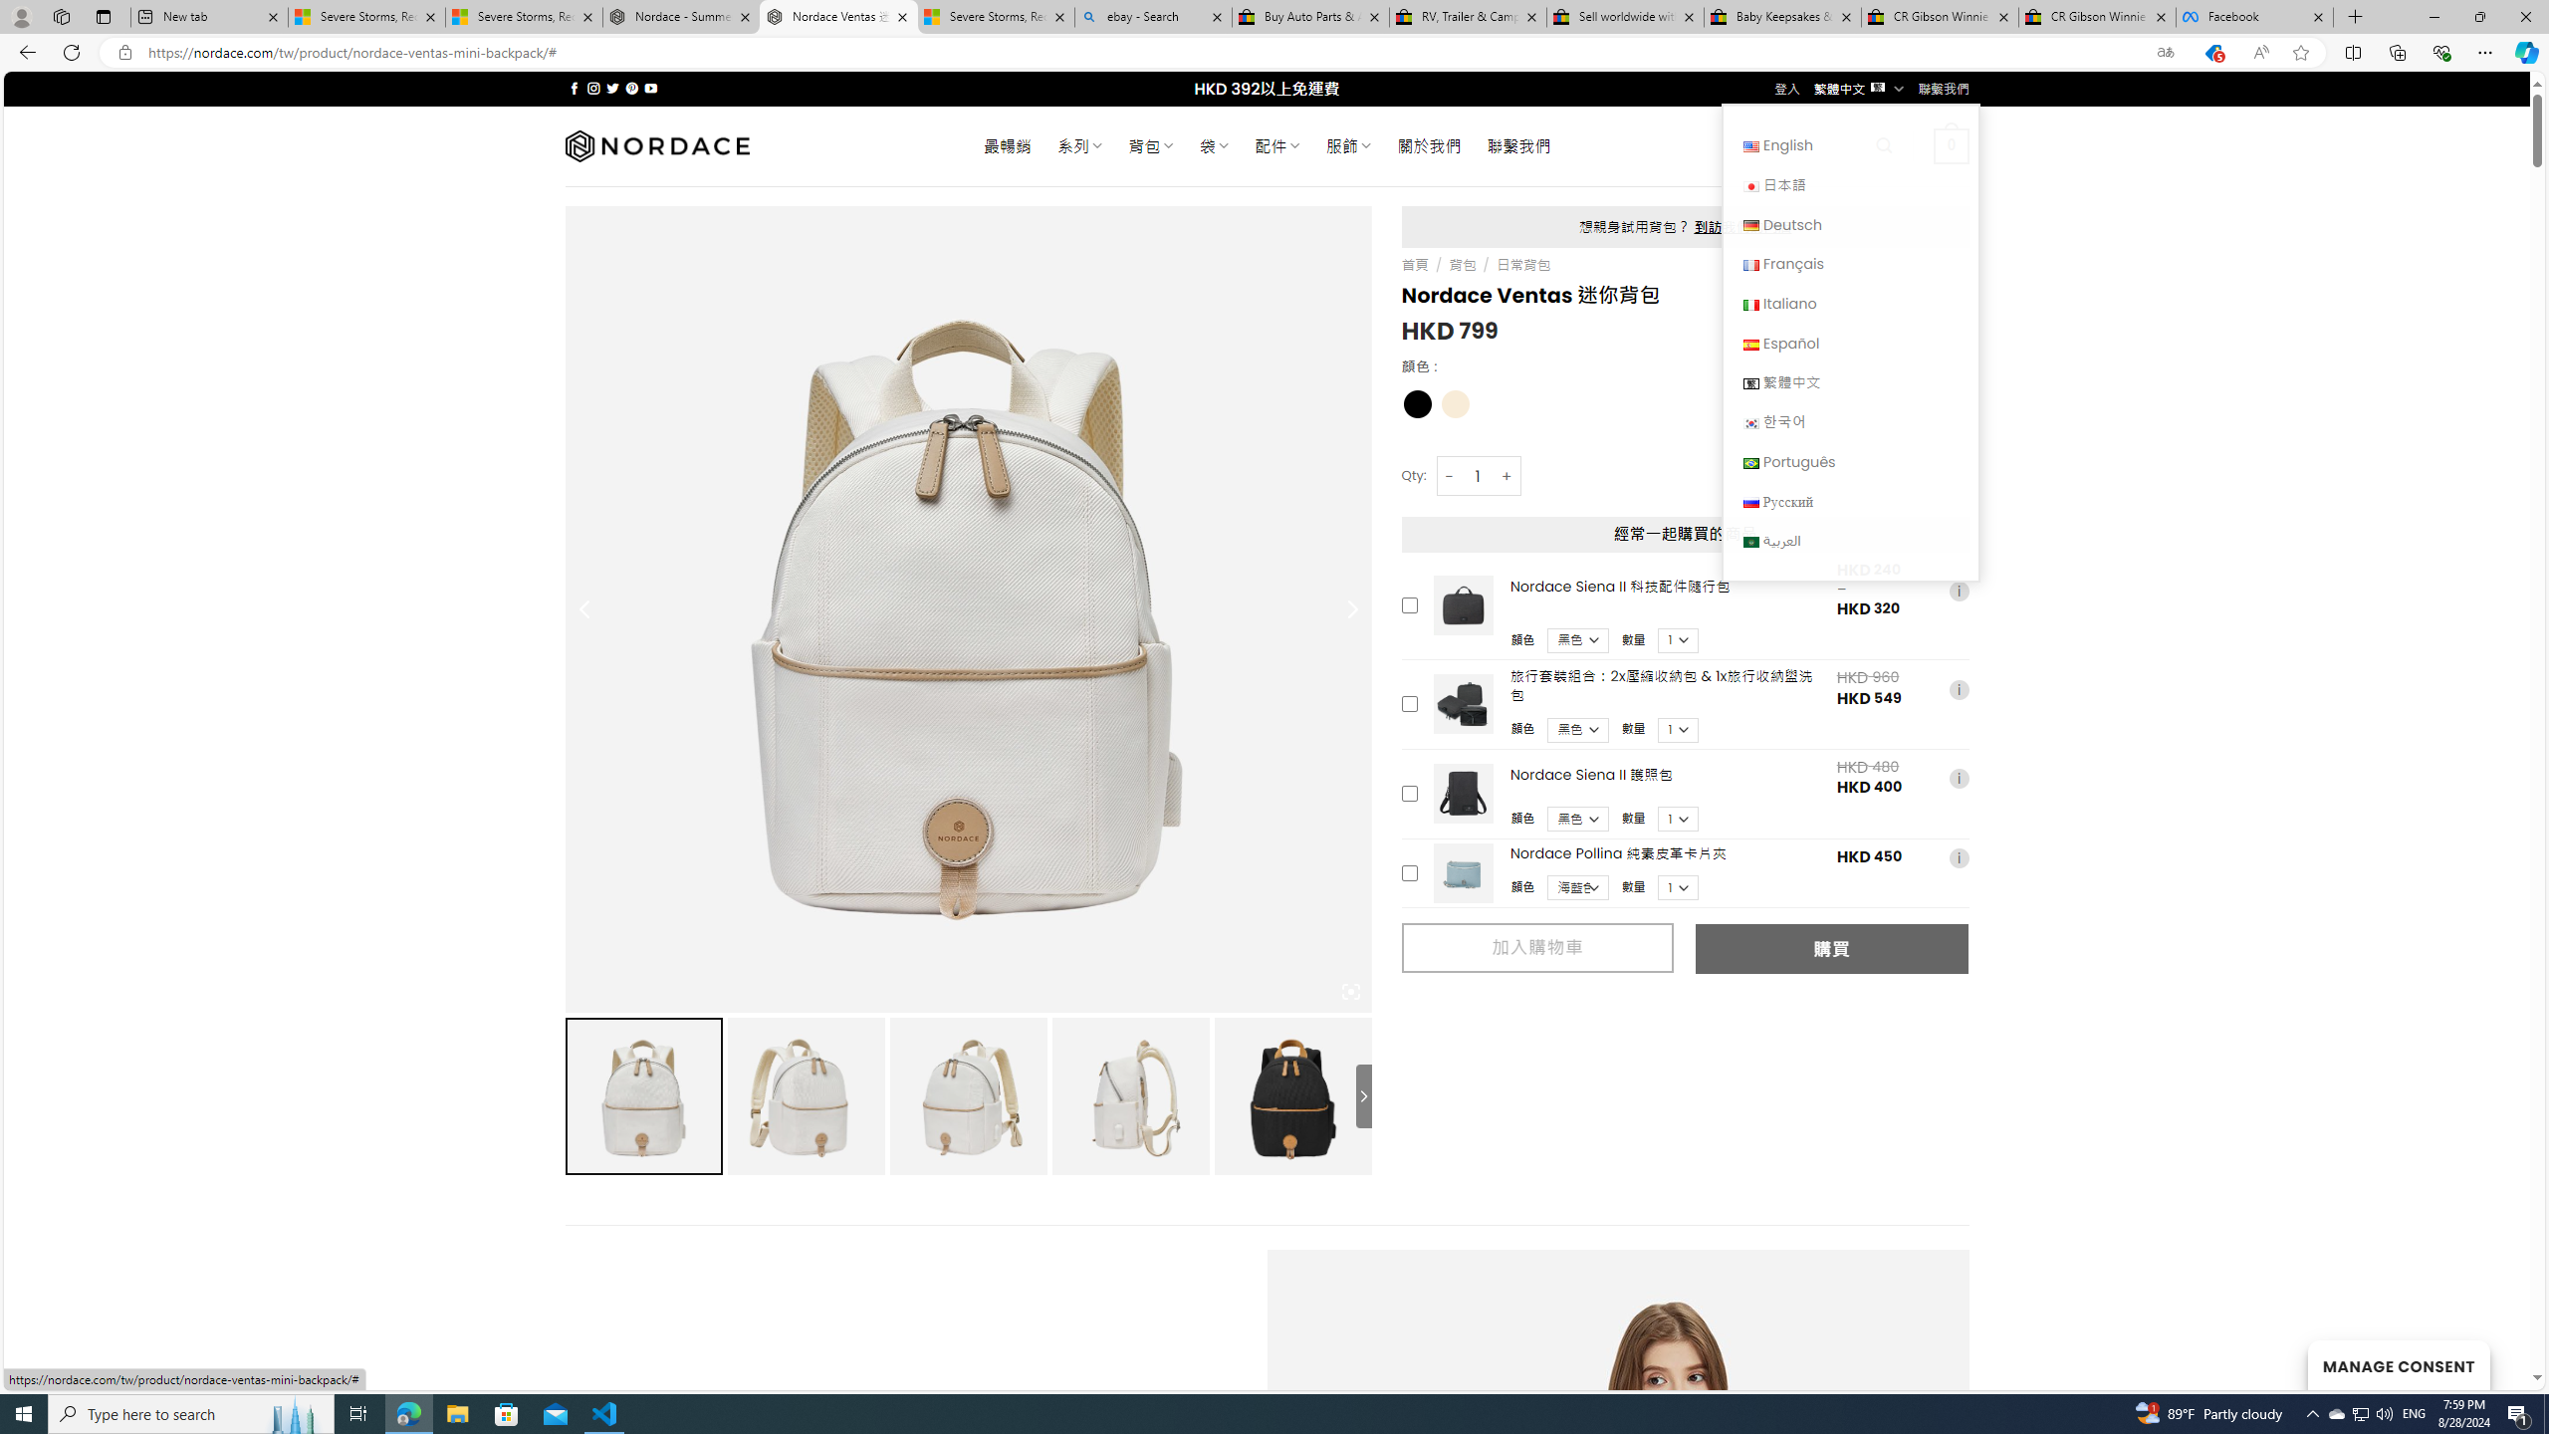  Describe the element at coordinates (1449, 476) in the screenshot. I see `'-'` at that location.